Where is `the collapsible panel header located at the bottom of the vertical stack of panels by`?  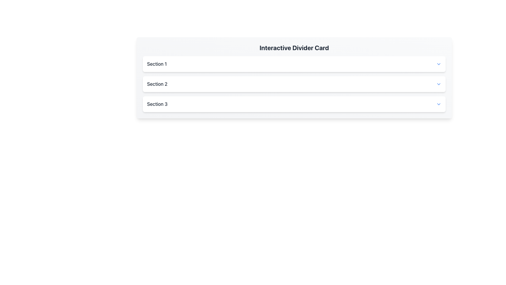 the collapsible panel header located at the bottom of the vertical stack of panels by is located at coordinates (294, 104).